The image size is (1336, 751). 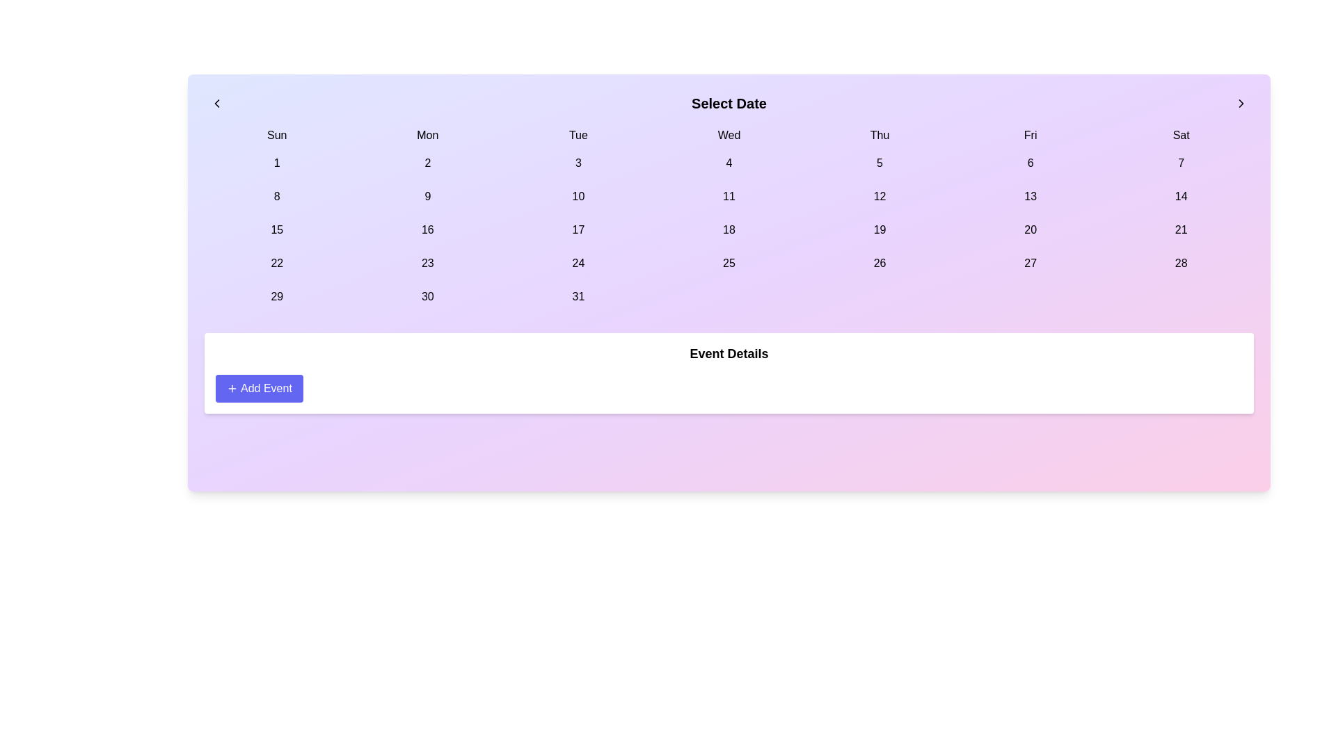 What do you see at coordinates (427, 229) in the screenshot?
I see `the text element displaying the number '16' in the calendar grid, located in the third row and second column under the 'Mon' column heading` at bounding box center [427, 229].